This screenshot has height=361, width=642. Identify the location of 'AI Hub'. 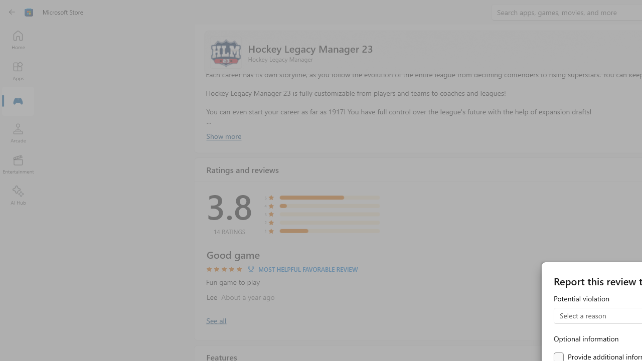
(18, 196).